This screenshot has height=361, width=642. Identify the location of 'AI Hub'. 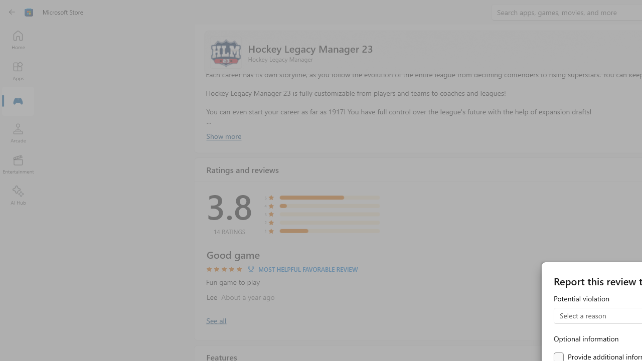
(18, 196).